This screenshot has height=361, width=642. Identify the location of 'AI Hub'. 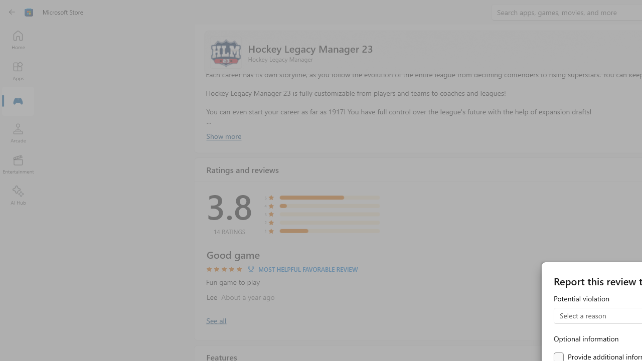
(18, 196).